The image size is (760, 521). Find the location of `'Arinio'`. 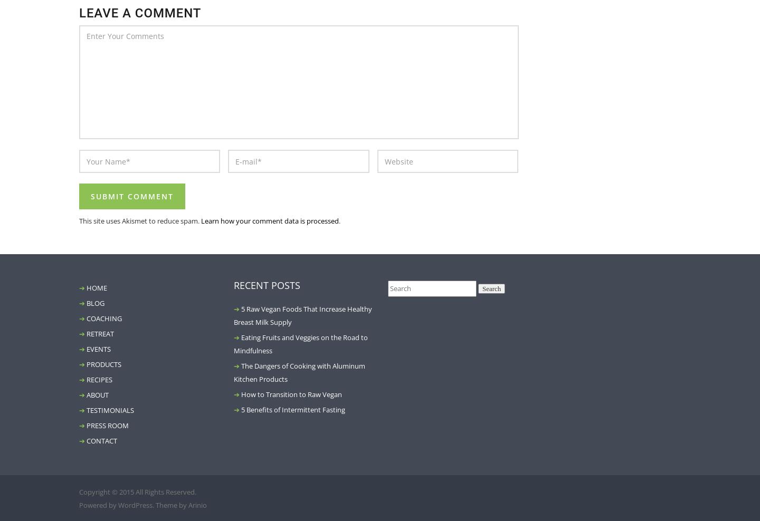

'Arinio' is located at coordinates (197, 505).